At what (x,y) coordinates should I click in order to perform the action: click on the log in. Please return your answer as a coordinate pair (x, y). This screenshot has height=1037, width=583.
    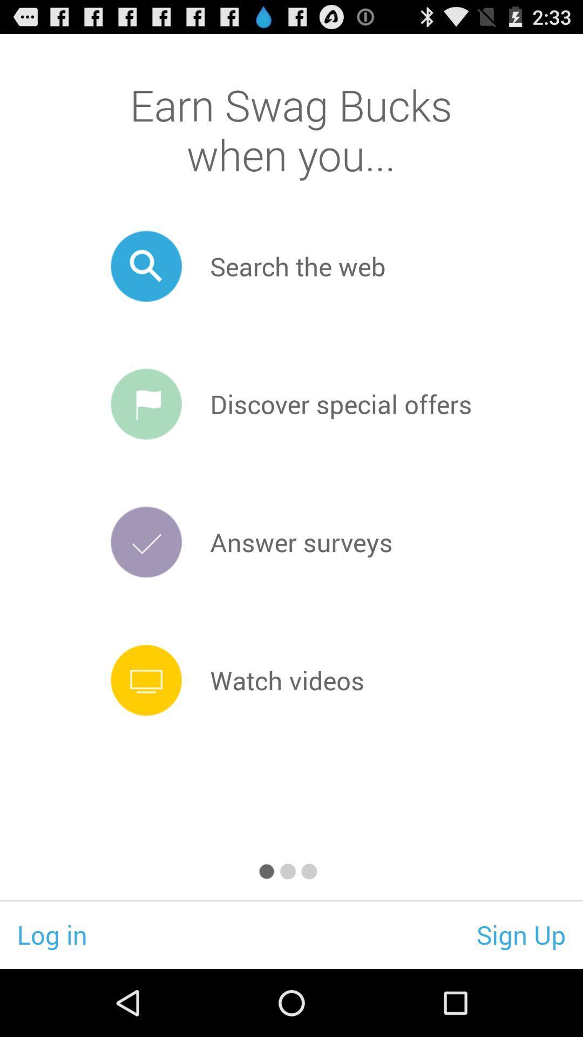
    Looking at the image, I should click on (52, 934).